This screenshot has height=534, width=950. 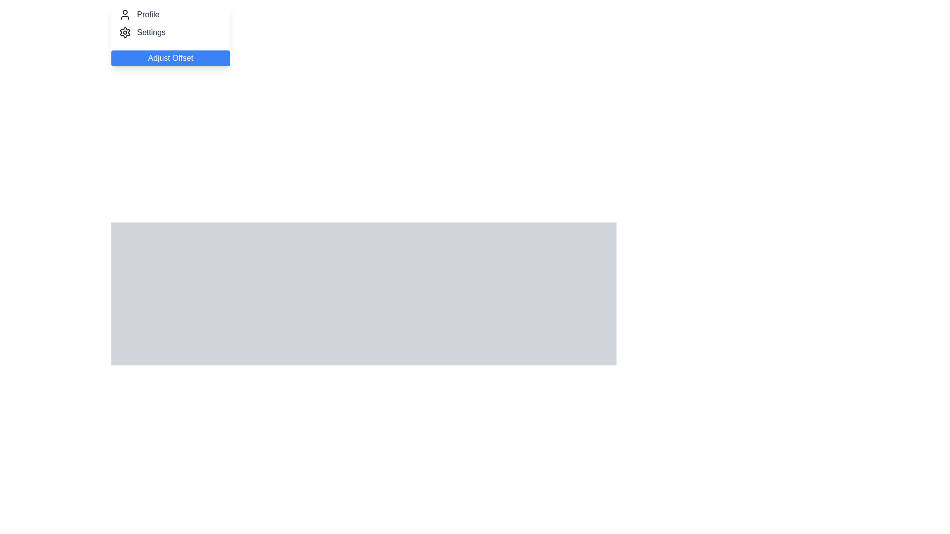 I want to click on the first menu item that accesses user profile information or settings, located near the top-left area of the interface, so click(x=171, y=15).